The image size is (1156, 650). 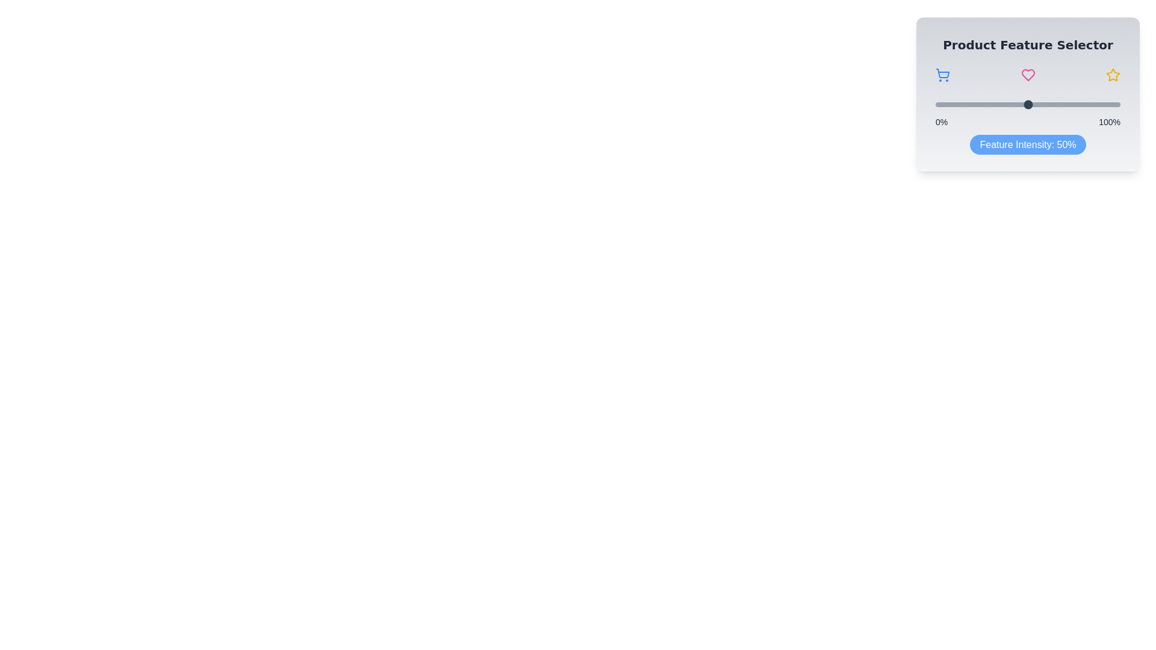 What do you see at coordinates (1027, 104) in the screenshot?
I see `the slider to set the feature intensity to 50%` at bounding box center [1027, 104].